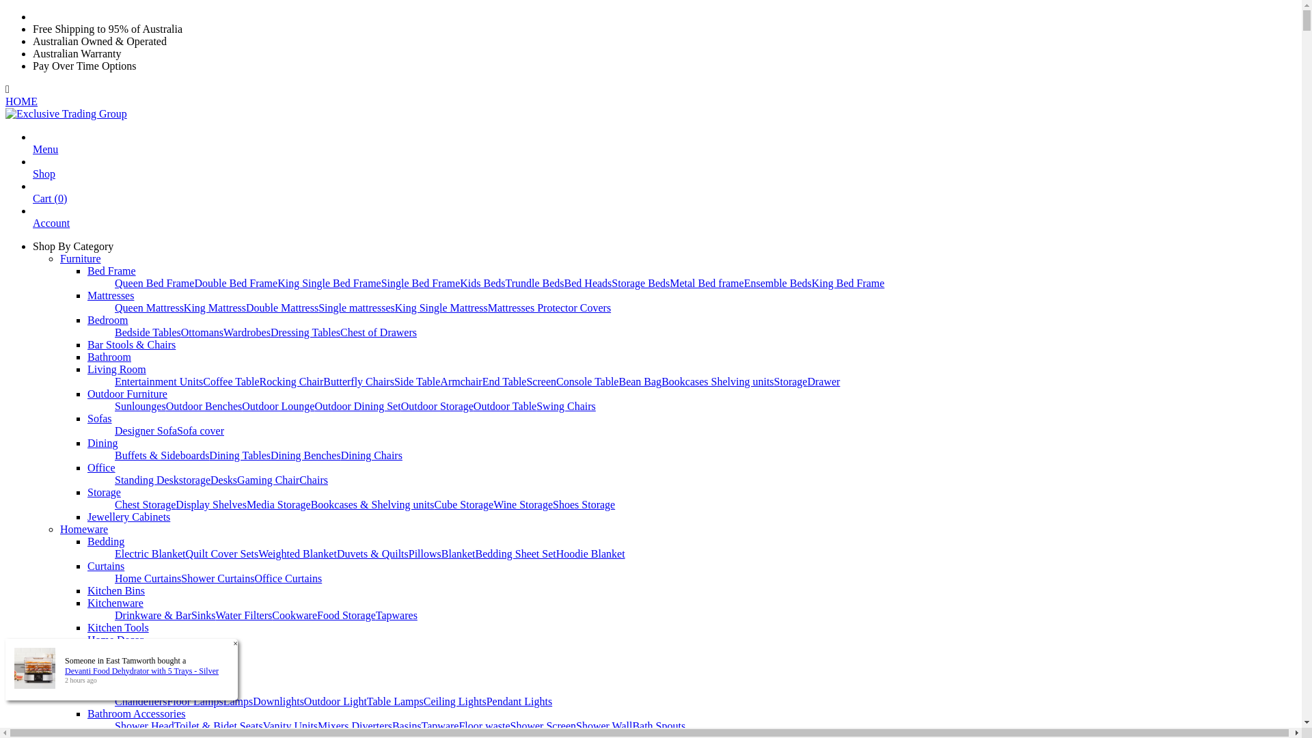  Describe the element at coordinates (587, 381) in the screenshot. I see `'Console Table'` at that location.